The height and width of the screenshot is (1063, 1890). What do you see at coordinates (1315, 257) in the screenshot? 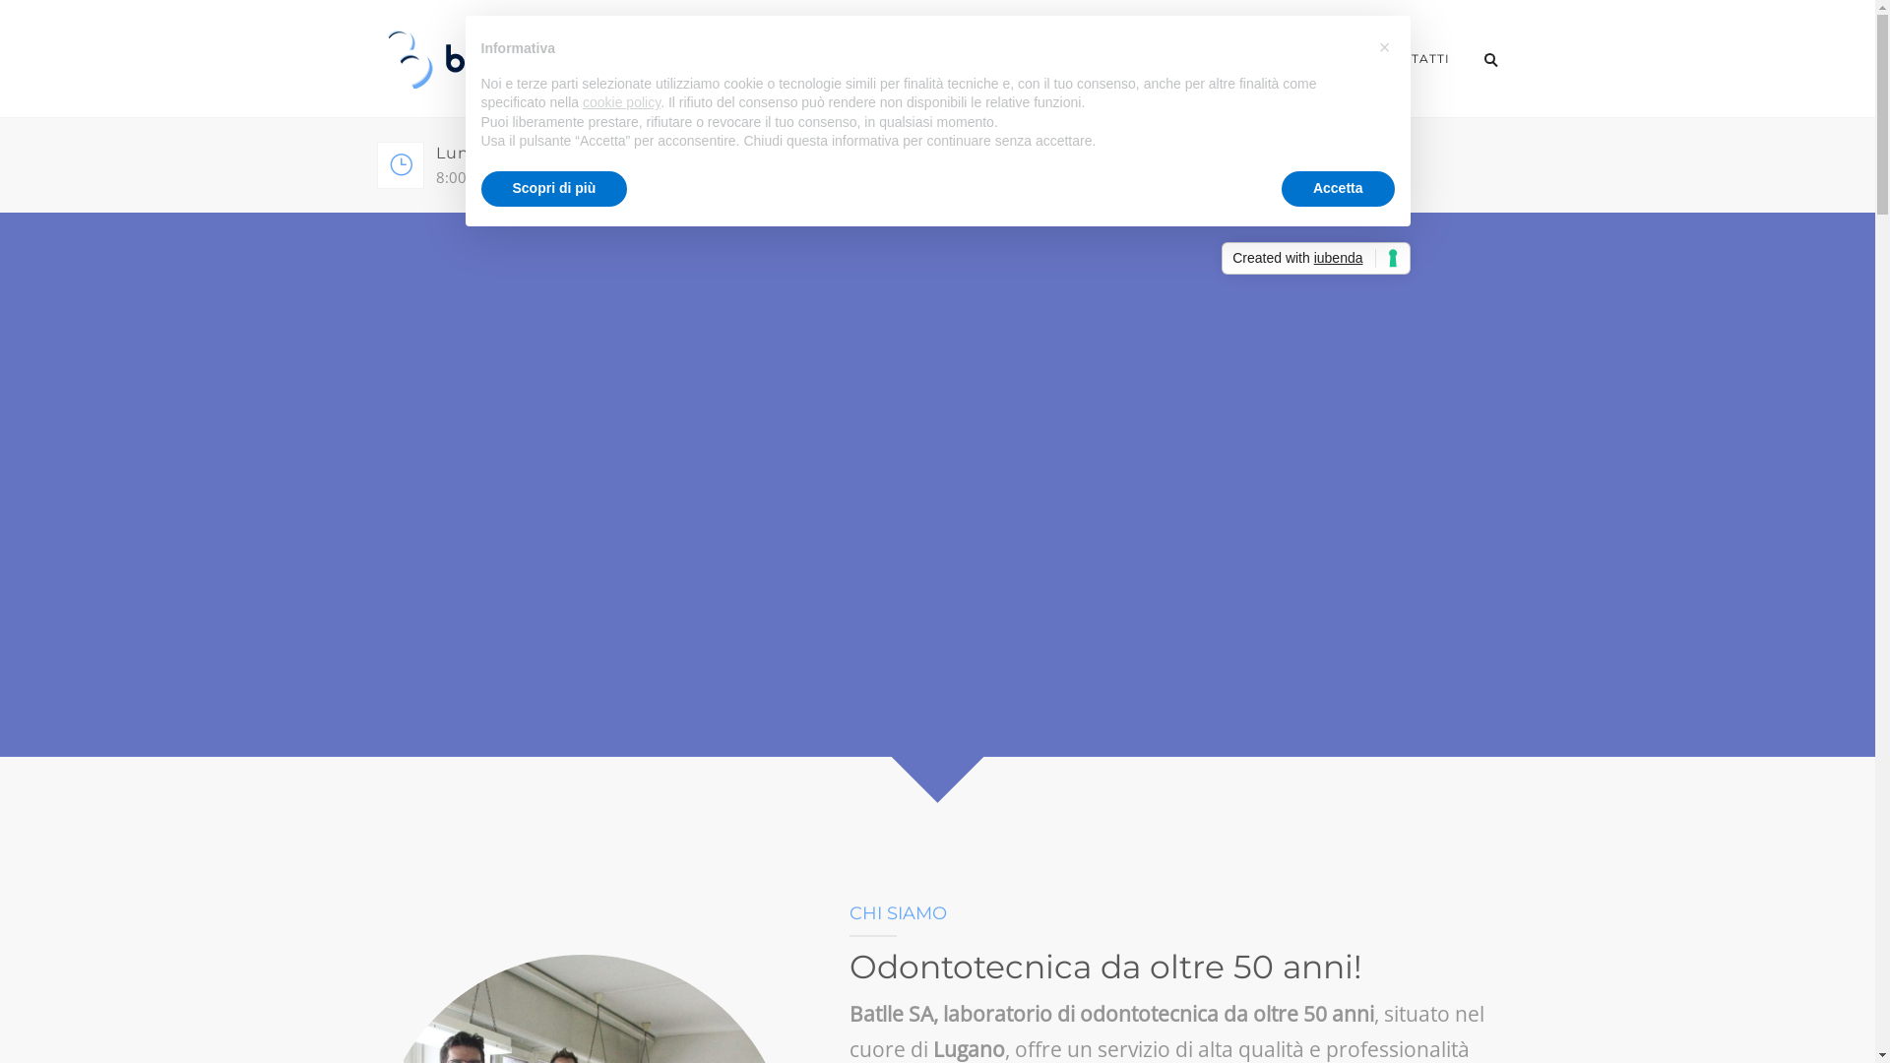
I see `'Created with iubenda'` at bounding box center [1315, 257].